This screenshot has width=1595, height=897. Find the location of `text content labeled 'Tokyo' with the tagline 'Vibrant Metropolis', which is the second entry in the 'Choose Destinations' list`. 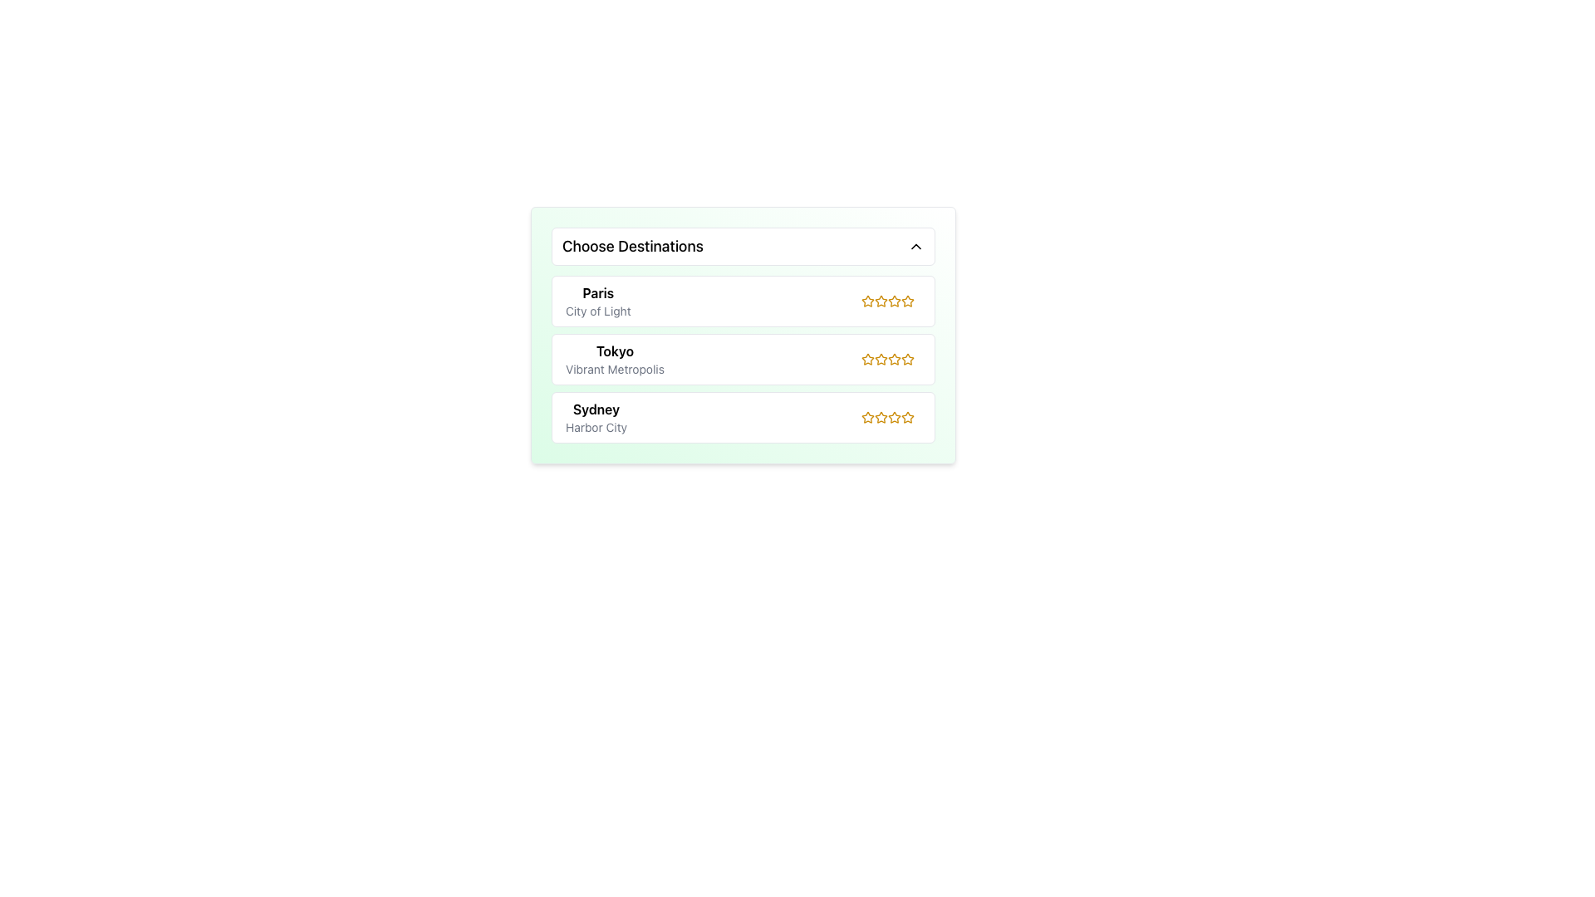

text content labeled 'Tokyo' with the tagline 'Vibrant Metropolis', which is the second entry in the 'Choose Destinations' list is located at coordinates (614, 358).